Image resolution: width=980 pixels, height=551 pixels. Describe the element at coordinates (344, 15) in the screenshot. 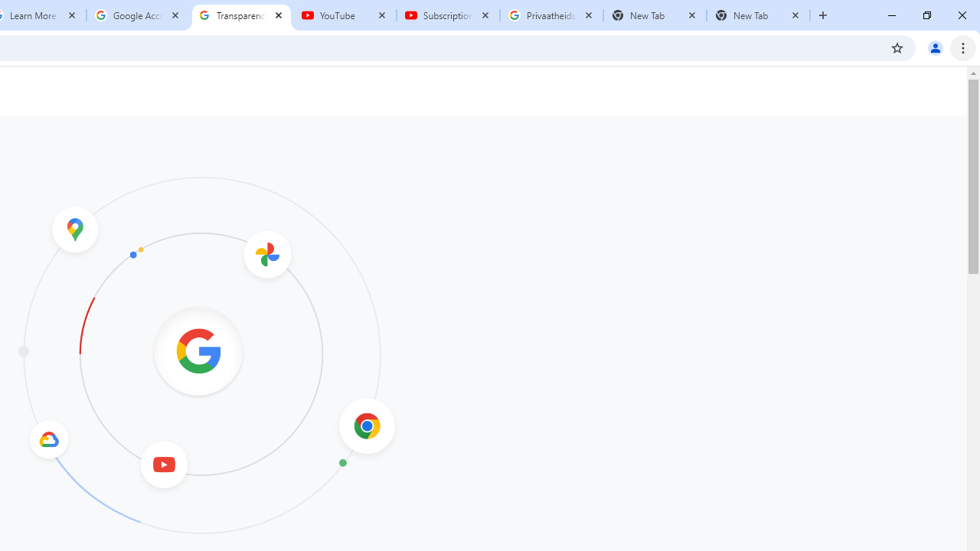

I see `'YouTube'` at that location.